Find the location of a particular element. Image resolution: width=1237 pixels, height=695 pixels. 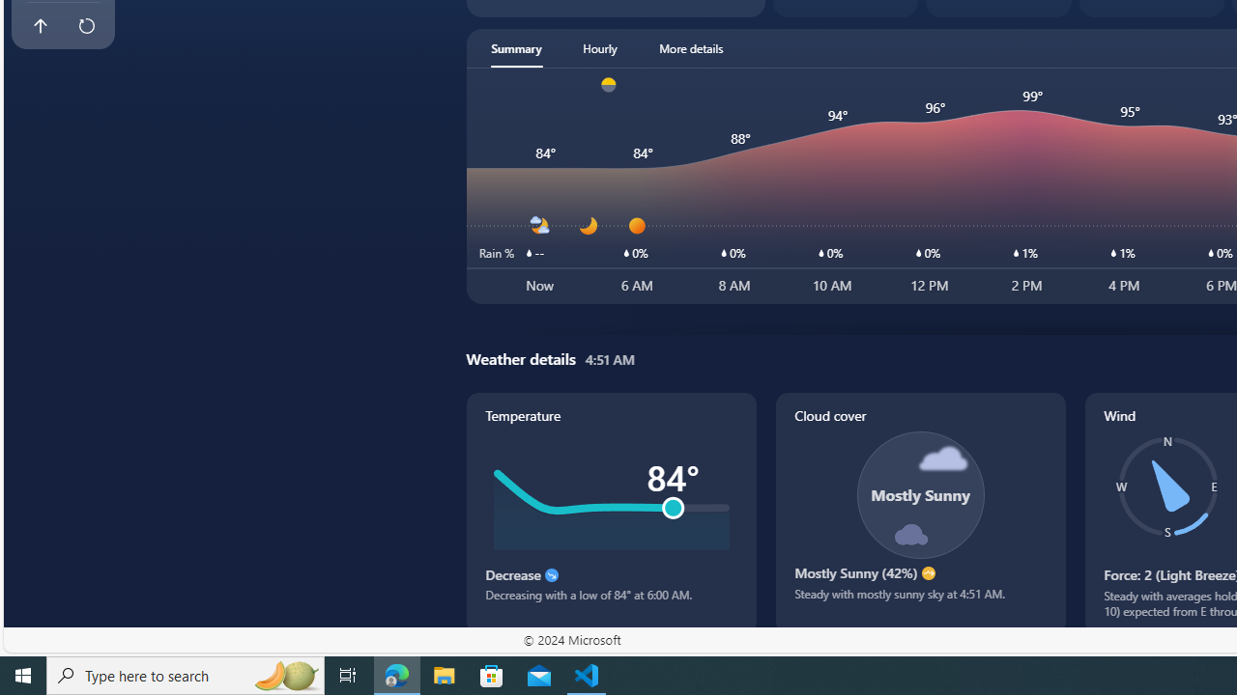

'Steady with mostly sunny sky at 4:51 AM.' is located at coordinates (919, 600).